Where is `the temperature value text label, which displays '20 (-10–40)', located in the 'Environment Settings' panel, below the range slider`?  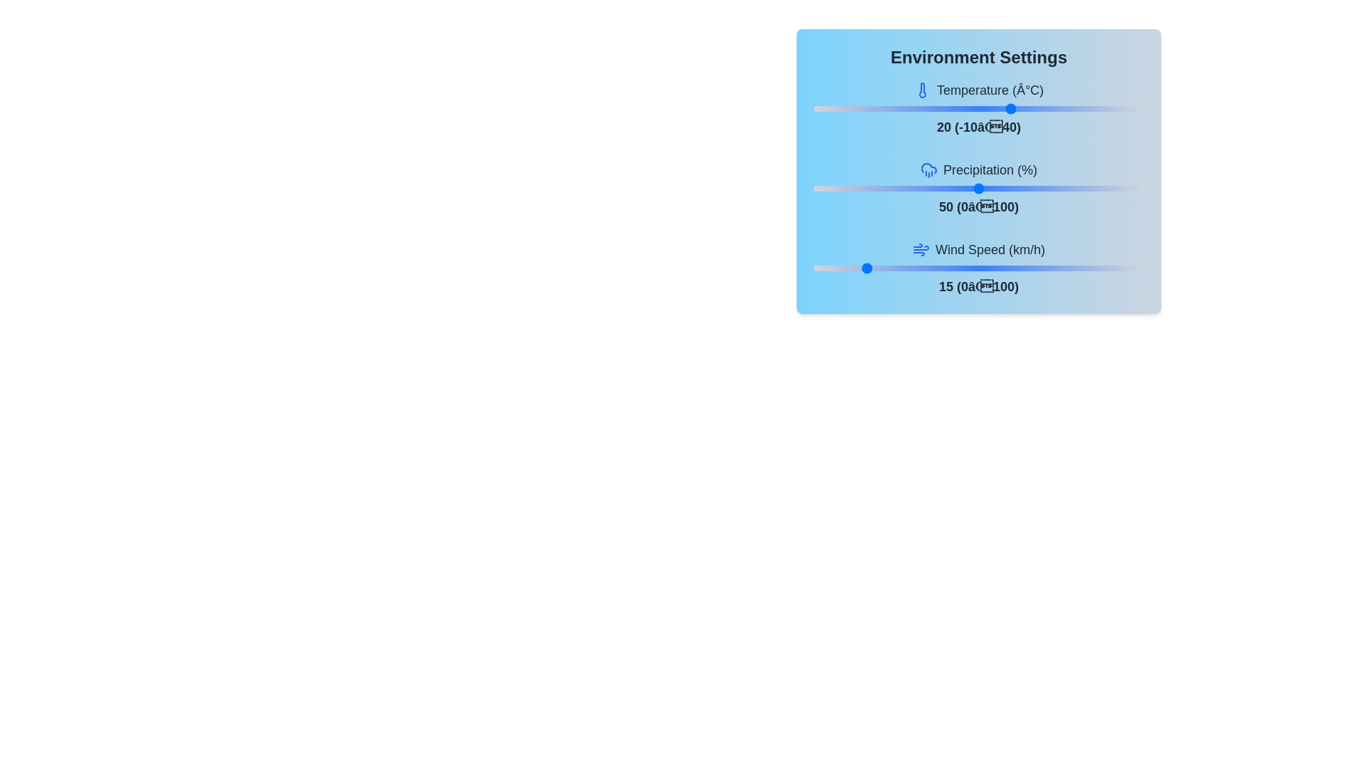
the temperature value text label, which displays '20 (-10–40)', located in the 'Environment Settings' panel, below the range slider is located at coordinates (978, 126).